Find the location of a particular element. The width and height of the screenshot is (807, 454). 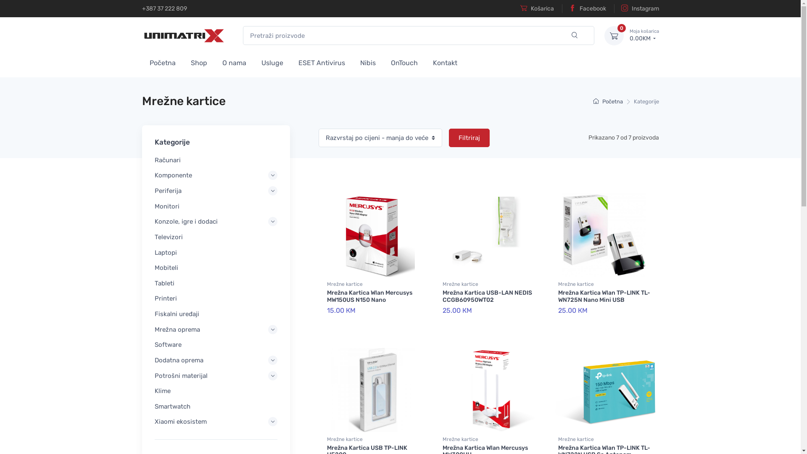

'Usluge' is located at coordinates (272, 61).